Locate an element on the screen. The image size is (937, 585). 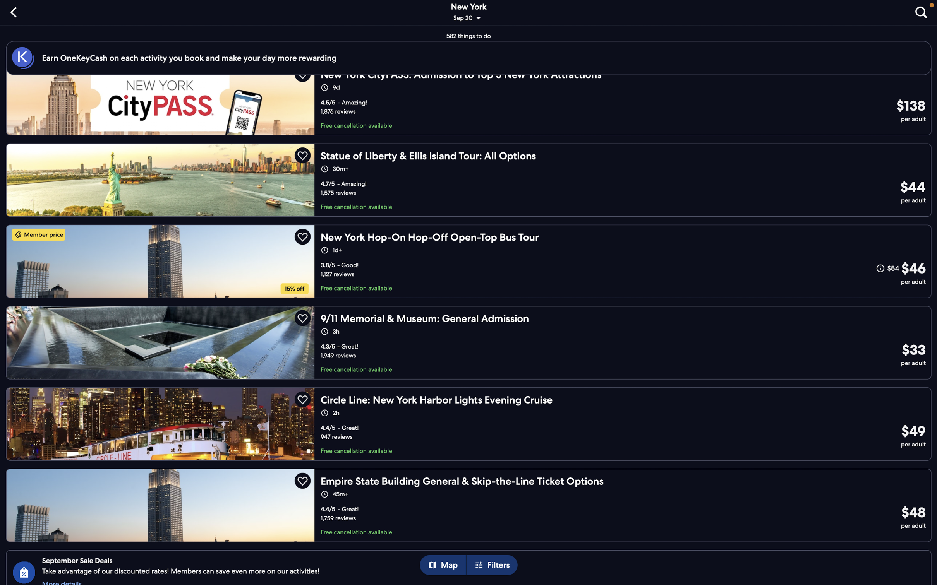
the "map" button is located at coordinates (446, 565).